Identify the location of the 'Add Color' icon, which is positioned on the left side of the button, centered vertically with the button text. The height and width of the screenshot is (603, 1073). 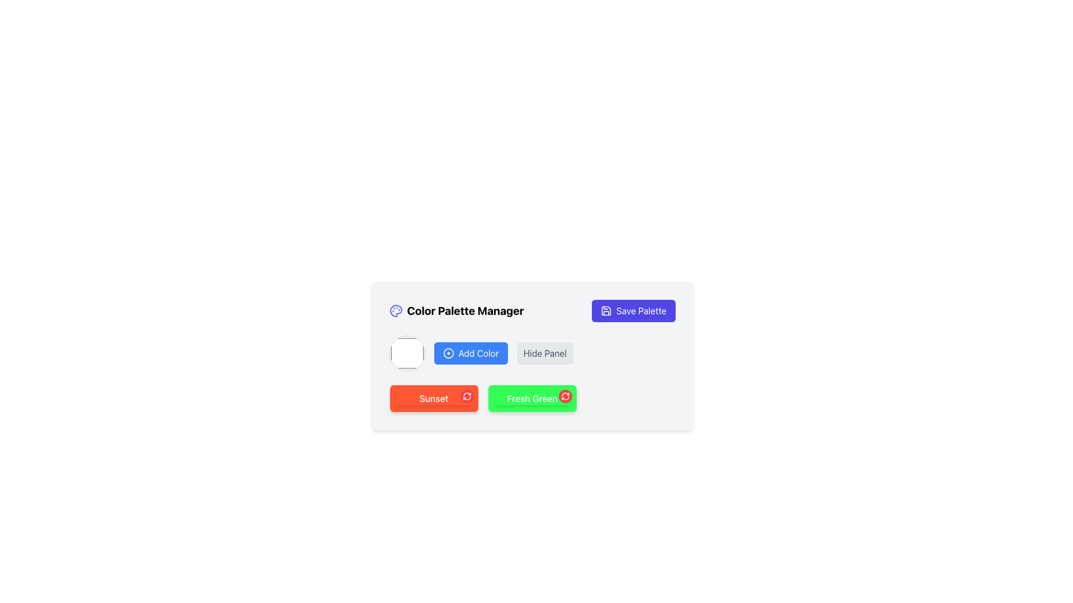
(448, 353).